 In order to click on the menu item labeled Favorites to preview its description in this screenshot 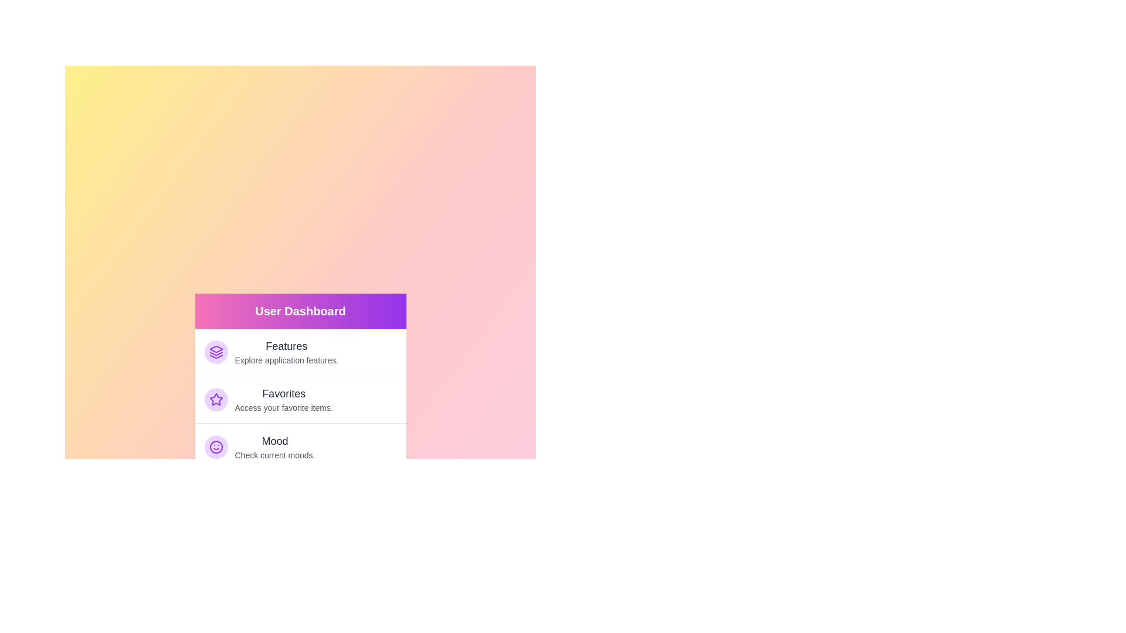, I will do `click(300, 399)`.